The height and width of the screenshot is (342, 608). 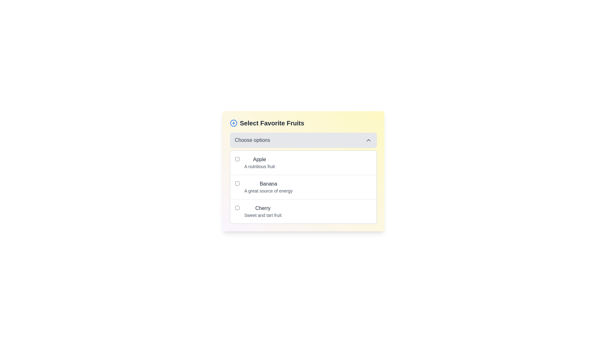 I want to click on the text label 'A nutritious fruit' which is styled in small, muted gray text and located under the main text 'Apple' in the 'Select Favorite Fruits' menu, so click(x=259, y=166).